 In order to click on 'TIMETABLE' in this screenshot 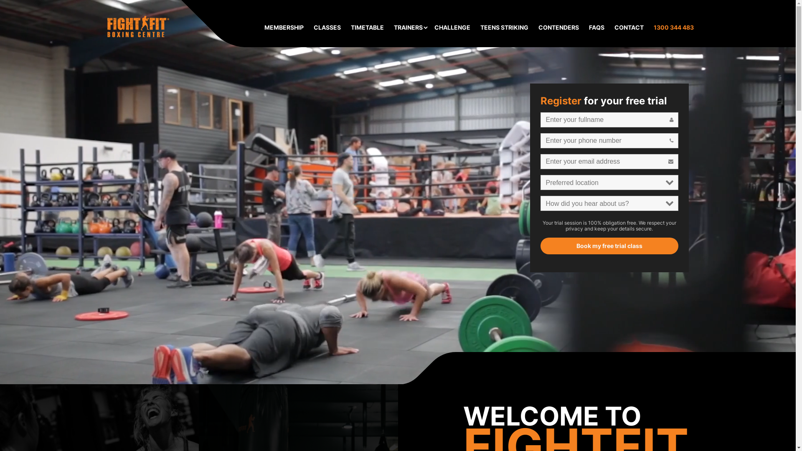, I will do `click(367, 27)`.